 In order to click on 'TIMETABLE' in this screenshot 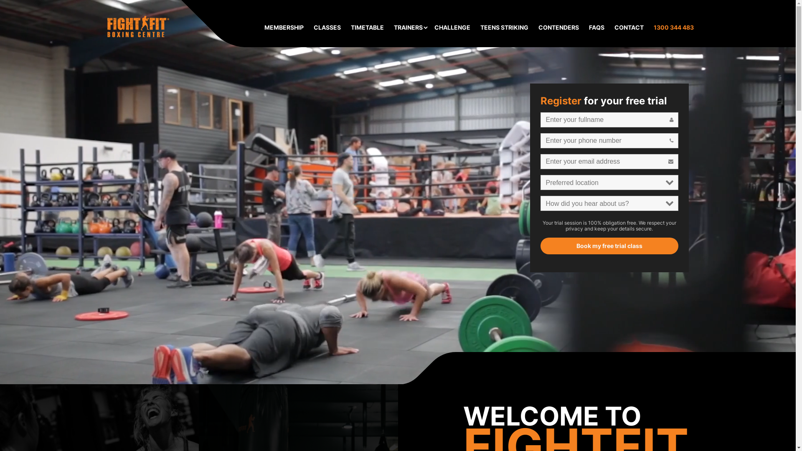, I will do `click(367, 27)`.